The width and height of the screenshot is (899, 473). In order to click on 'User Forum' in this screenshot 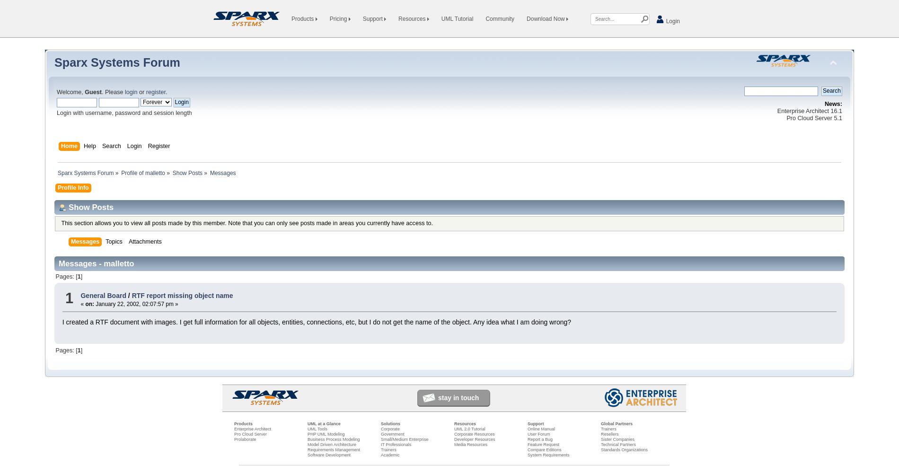, I will do `click(538, 434)`.